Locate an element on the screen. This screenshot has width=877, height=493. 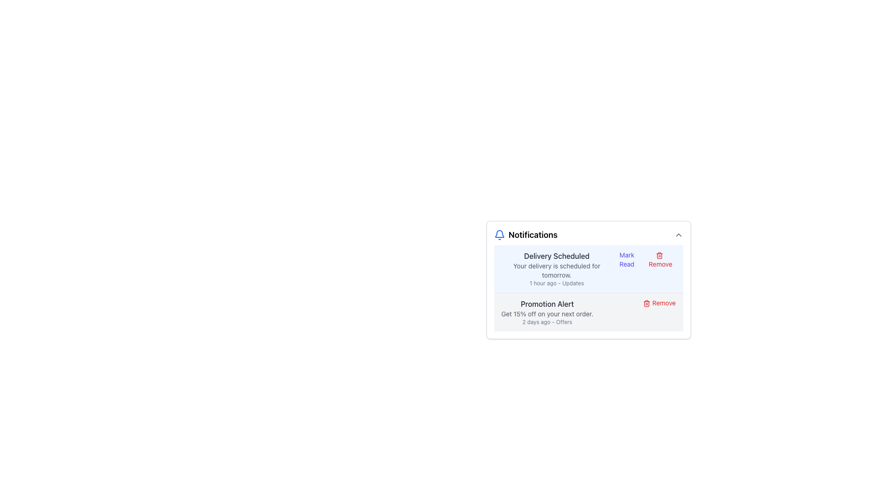
the 'Mark as Read' button located in the notification panel under 'Delivery Scheduled' to mark the notification as read is located at coordinates (626, 260).